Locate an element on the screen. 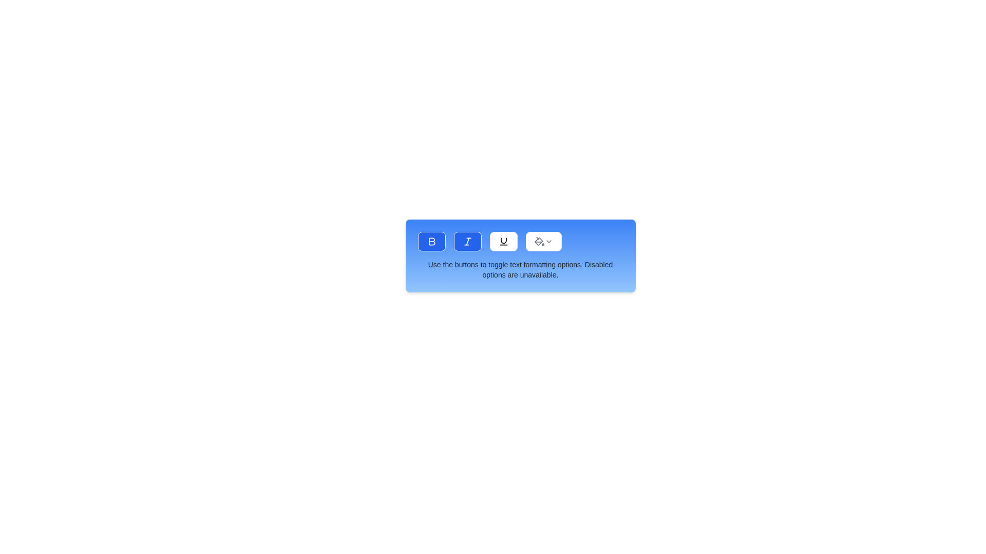 The height and width of the screenshot is (554, 986). the first button in the row of formatting buttons is located at coordinates (431, 241).